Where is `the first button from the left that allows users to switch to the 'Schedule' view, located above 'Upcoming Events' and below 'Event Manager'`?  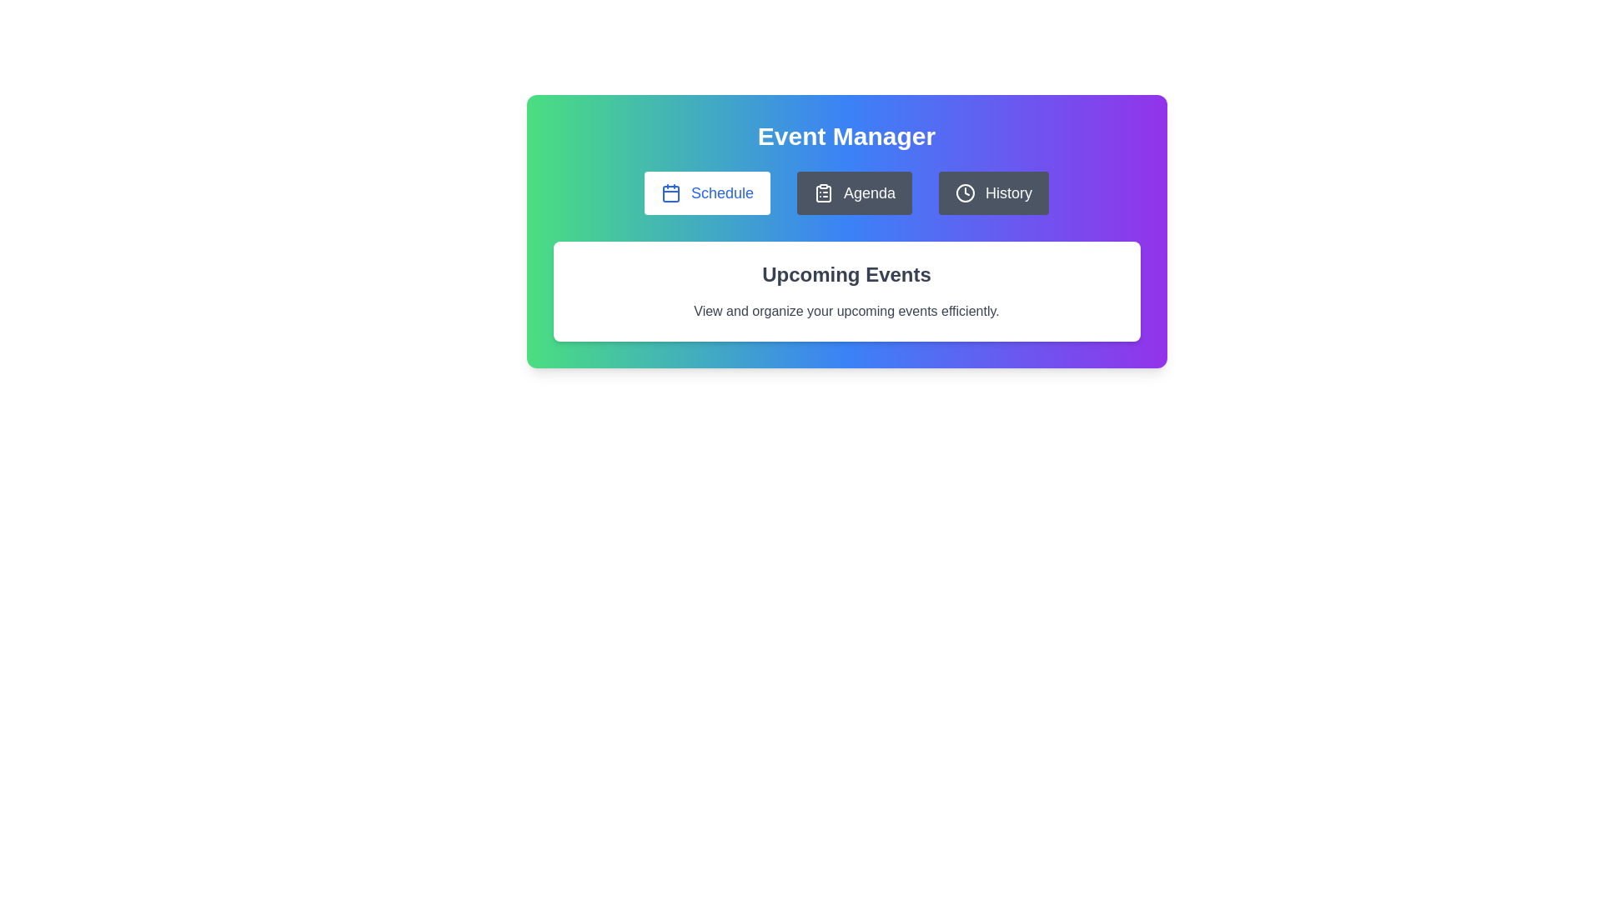 the first button from the left that allows users to switch to the 'Schedule' view, located above 'Upcoming Events' and below 'Event Manager' is located at coordinates (707, 192).